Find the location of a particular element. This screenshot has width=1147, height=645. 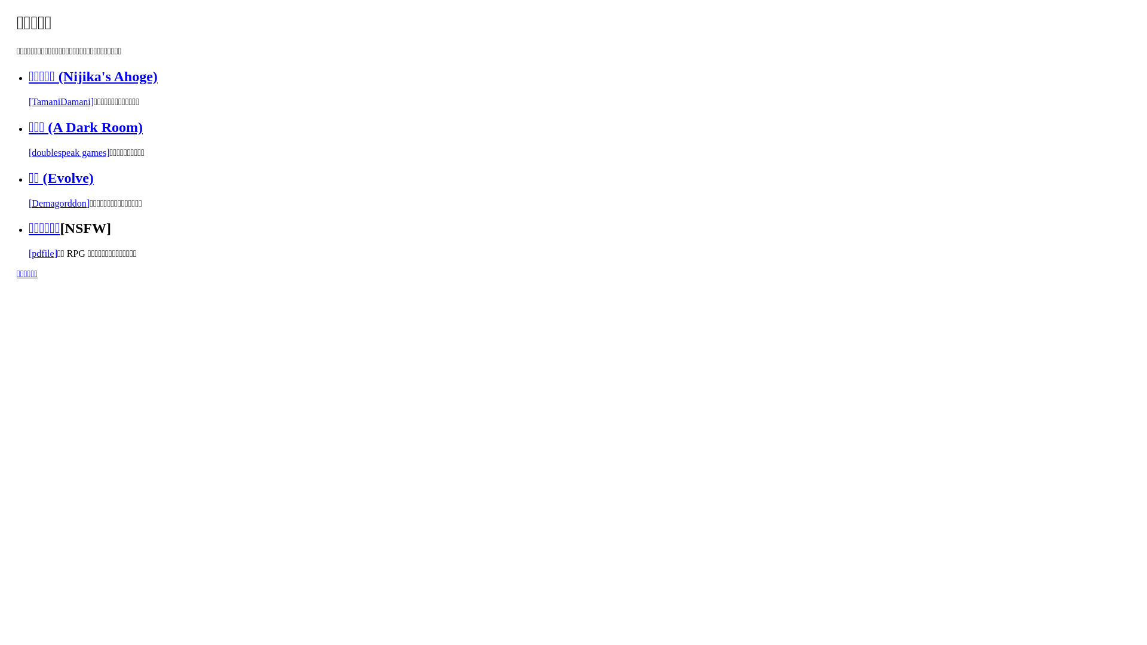

'[doublespeak games]' is located at coordinates (68, 152).